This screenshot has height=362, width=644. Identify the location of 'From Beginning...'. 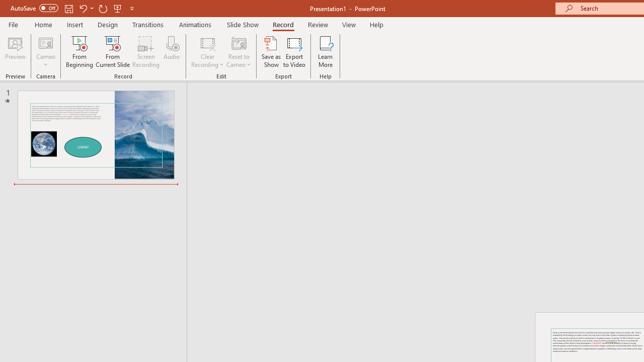
(79, 52).